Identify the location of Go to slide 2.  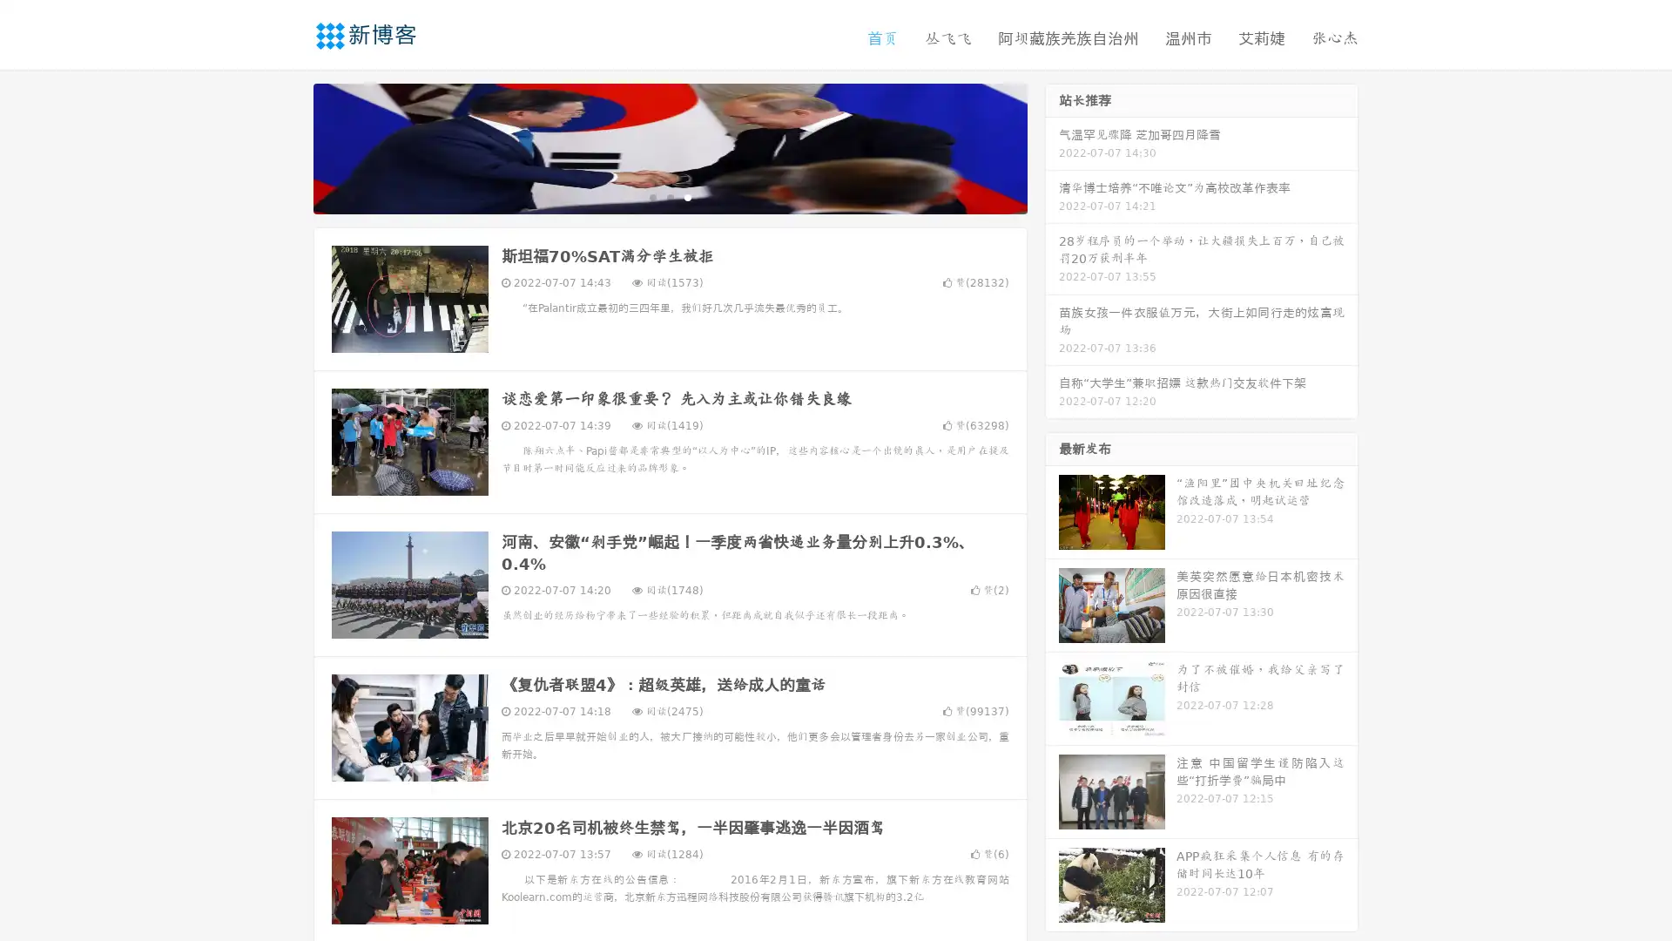
(669, 196).